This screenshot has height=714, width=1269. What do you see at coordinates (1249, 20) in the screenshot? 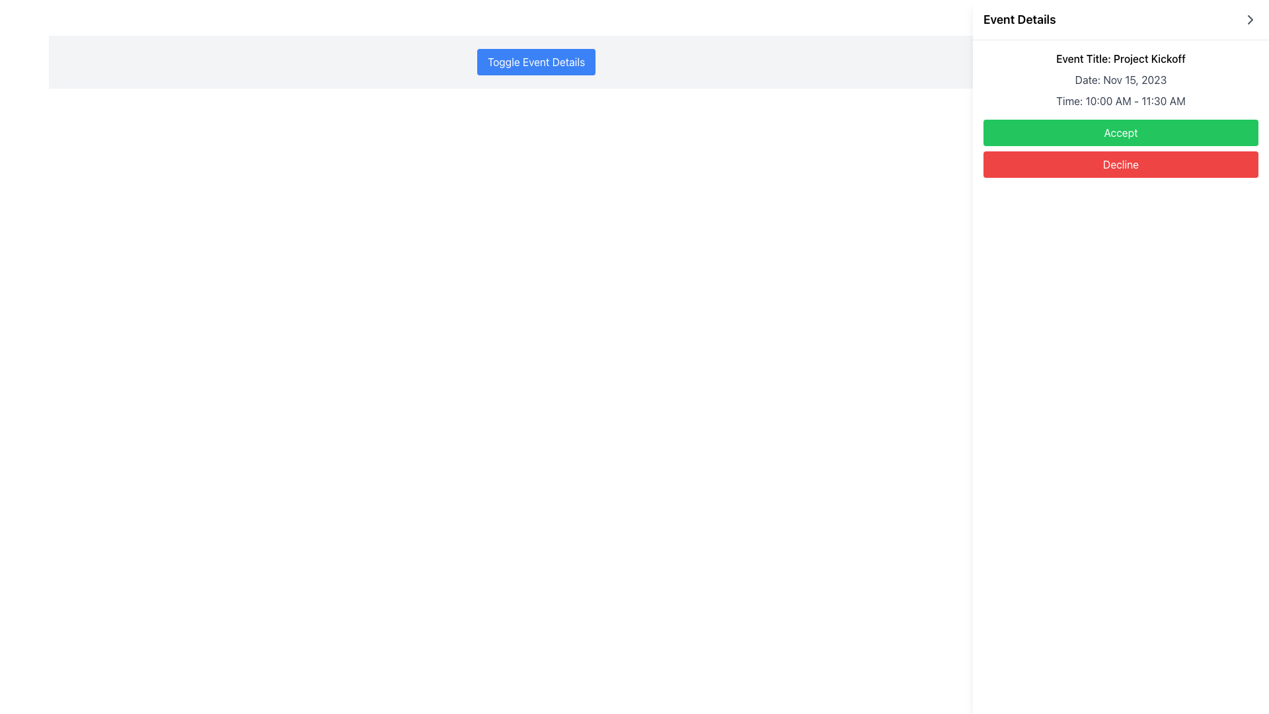
I see `the Chevron Symbol icon located in the top-right corner of the interface, adjacent to the 'Event Details' label` at bounding box center [1249, 20].